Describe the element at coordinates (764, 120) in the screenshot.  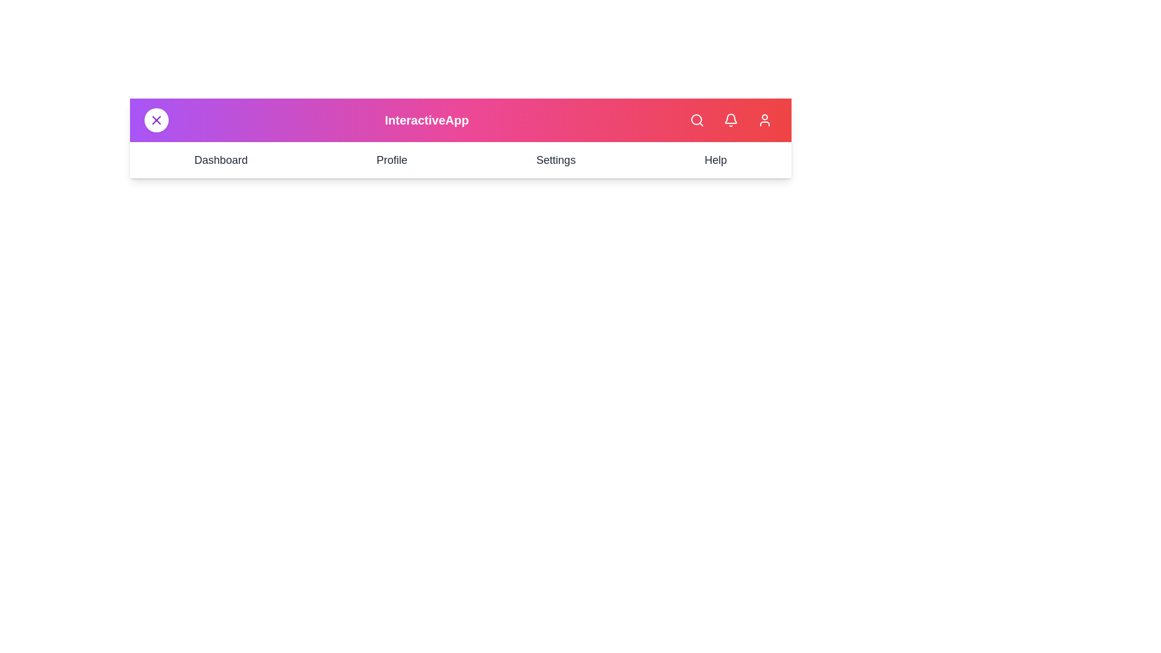
I see `the user icon to access user-related actions or settings` at that location.